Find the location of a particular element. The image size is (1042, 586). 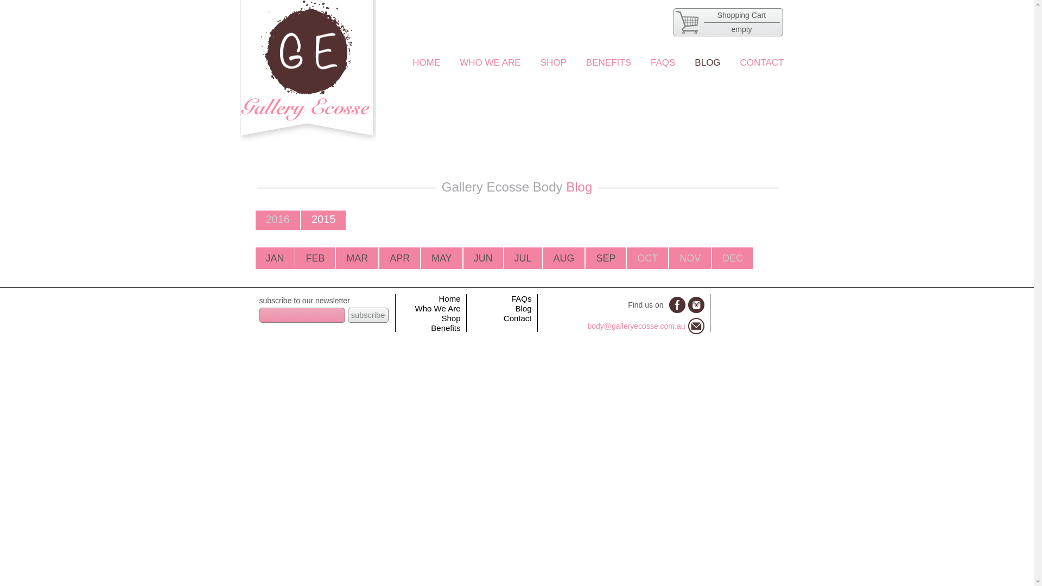

'Home' is located at coordinates (449, 298).